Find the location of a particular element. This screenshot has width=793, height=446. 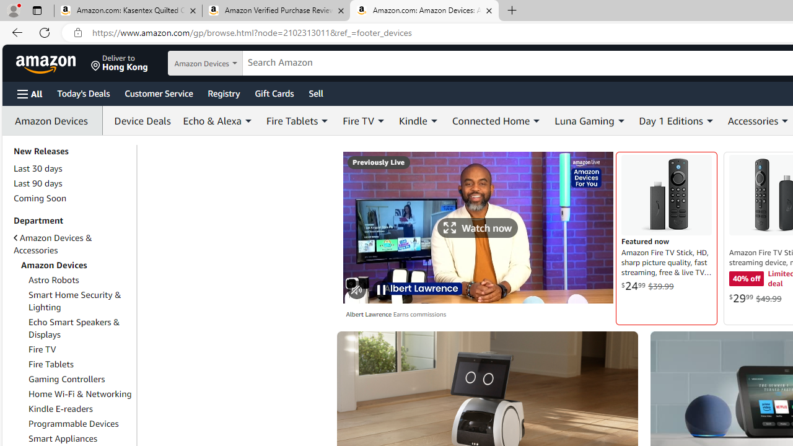

'Expand Kindle' is located at coordinates (434, 121).